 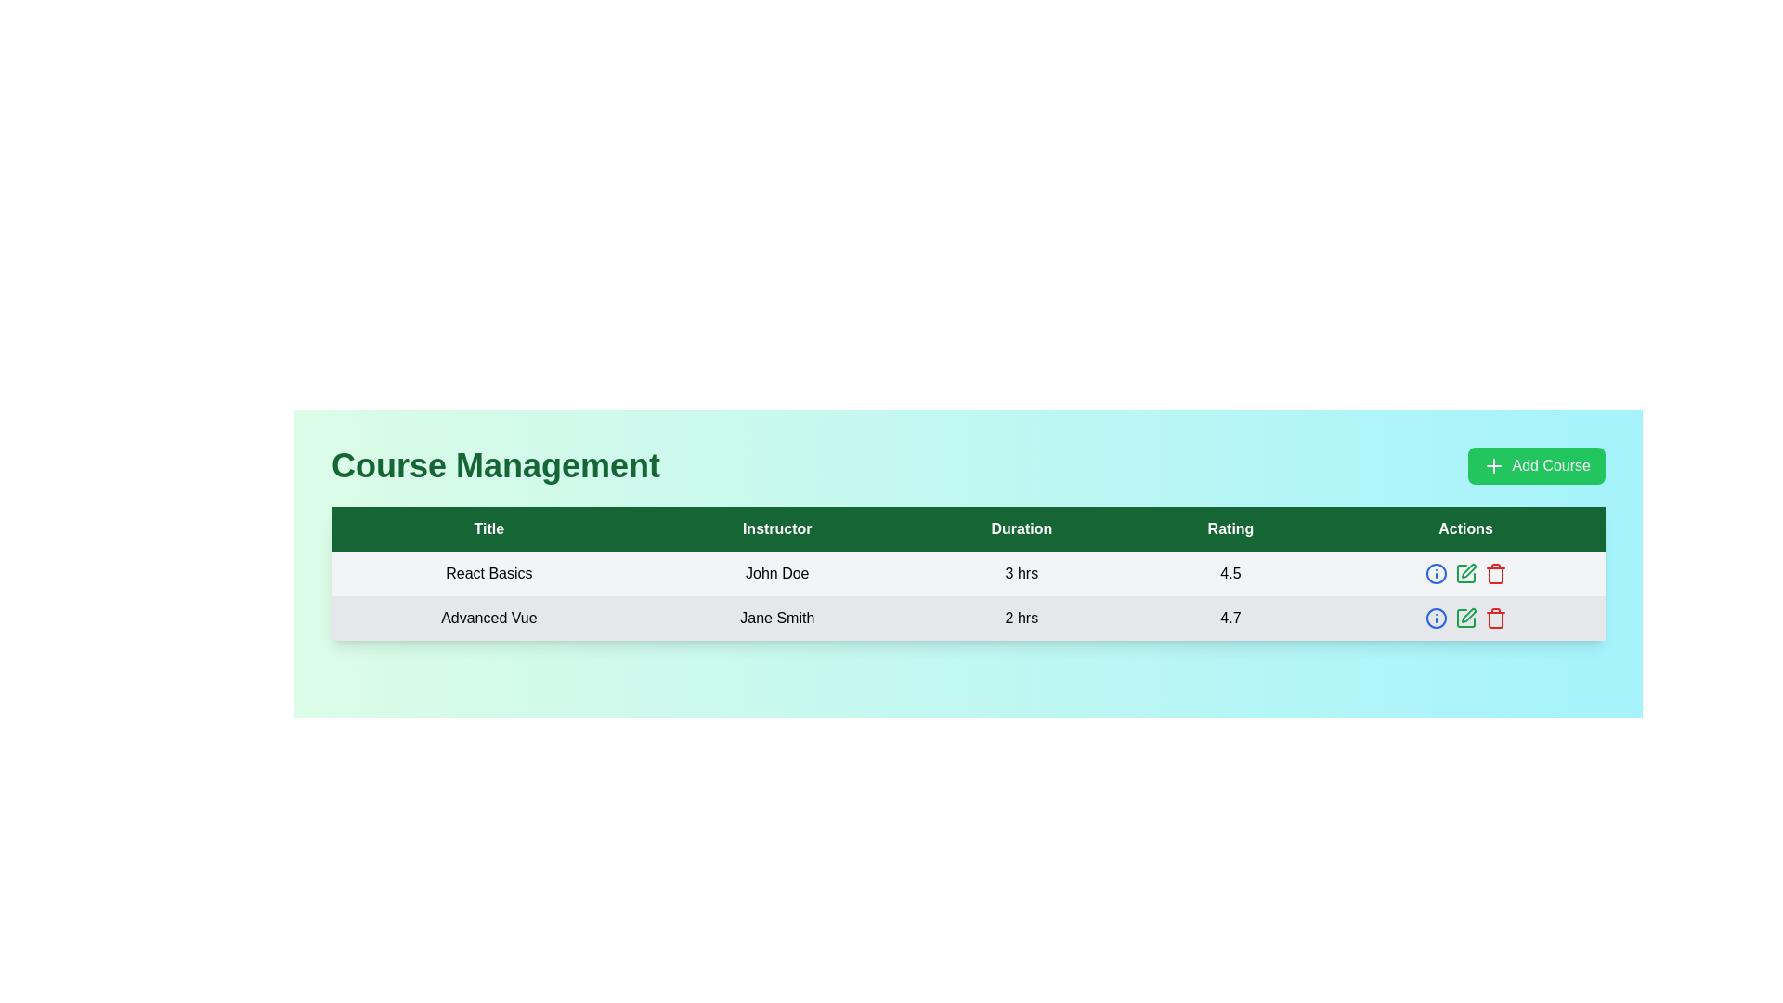 I want to click on the text label displaying 'Advanced Vue' located in the second row of the 'Title' column, which has a light gray background and is positioned below 'React Basics', so click(x=488, y=619).